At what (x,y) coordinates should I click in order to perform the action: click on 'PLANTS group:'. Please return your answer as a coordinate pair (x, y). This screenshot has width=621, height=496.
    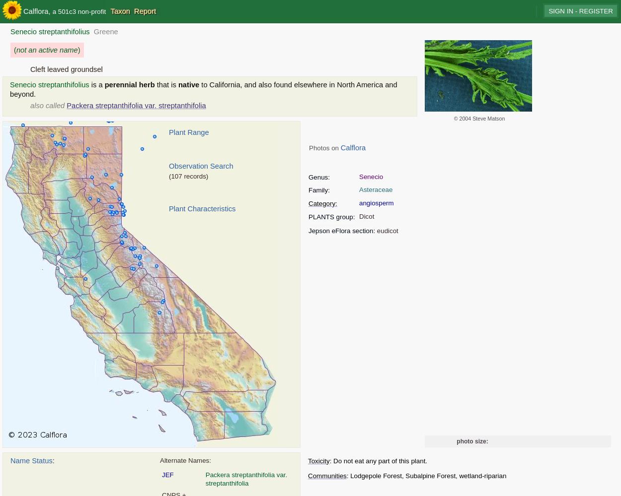
    Looking at the image, I should click on (308, 216).